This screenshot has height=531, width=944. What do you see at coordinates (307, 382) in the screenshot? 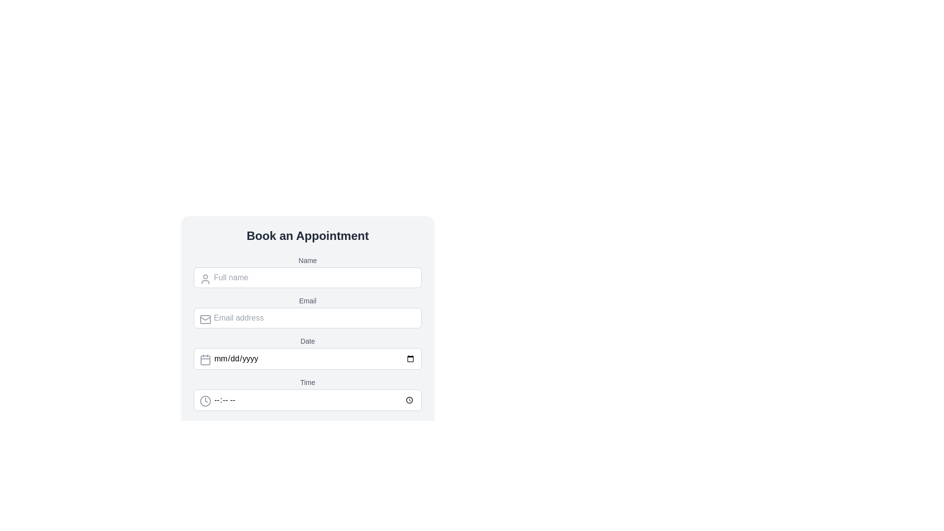
I see `the text label for the time input area in the 'Book an Appointment' form, located under the 'Date' section, which is aligned with the time picker input field` at bounding box center [307, 382].